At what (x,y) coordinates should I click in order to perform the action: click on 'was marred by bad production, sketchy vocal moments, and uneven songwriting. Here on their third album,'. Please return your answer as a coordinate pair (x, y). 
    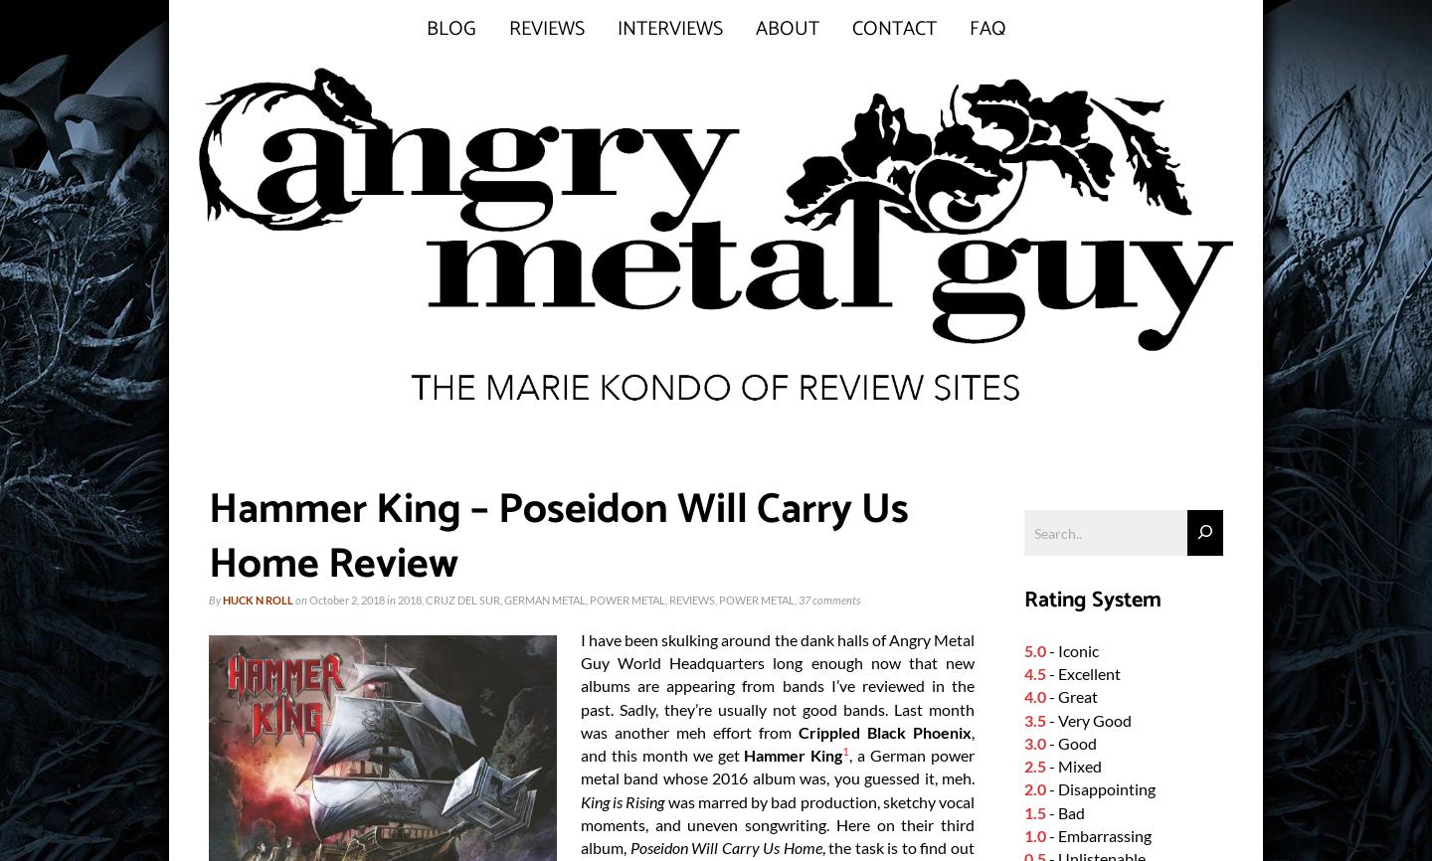
    Looking at the image, I should click on (778, 823).